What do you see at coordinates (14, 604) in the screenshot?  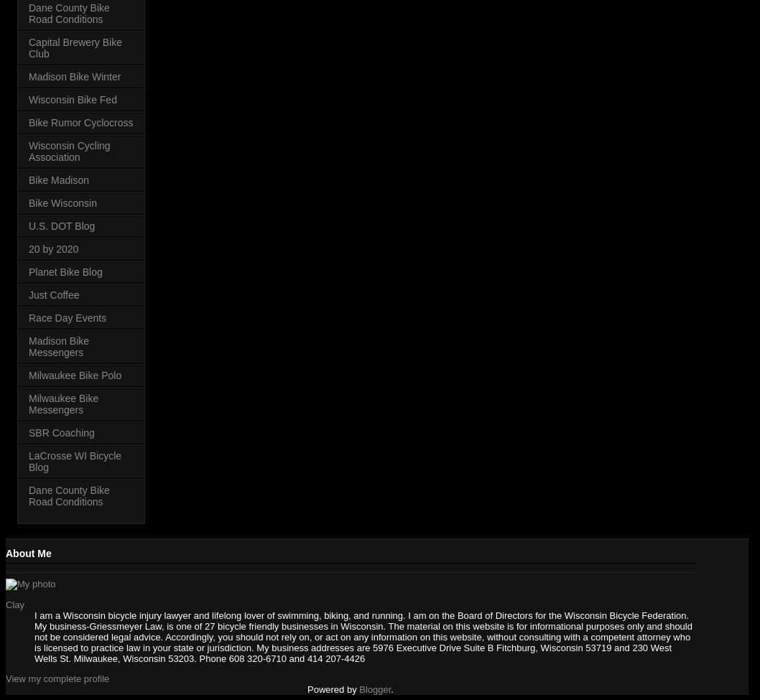 I see `'Clay'` at bounding box center [14, 604].